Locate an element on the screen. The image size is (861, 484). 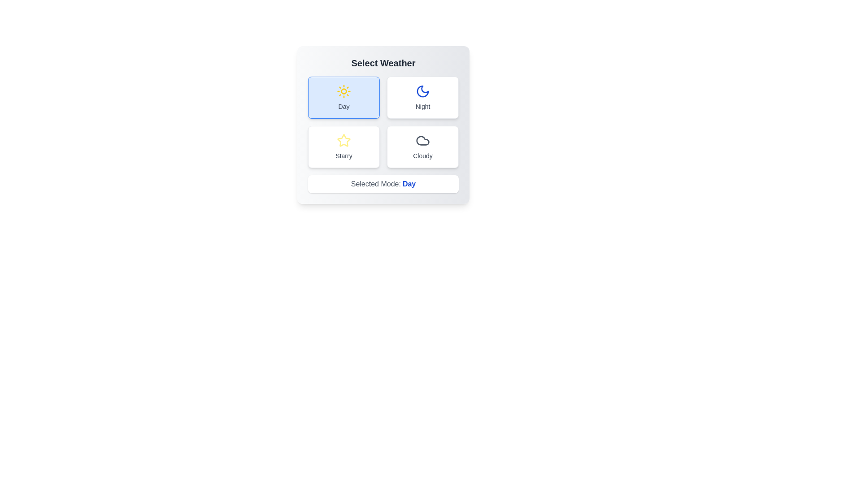
the weather mode by clicking on the corresponding button for Cloudy is located at coordinates (422, 146).